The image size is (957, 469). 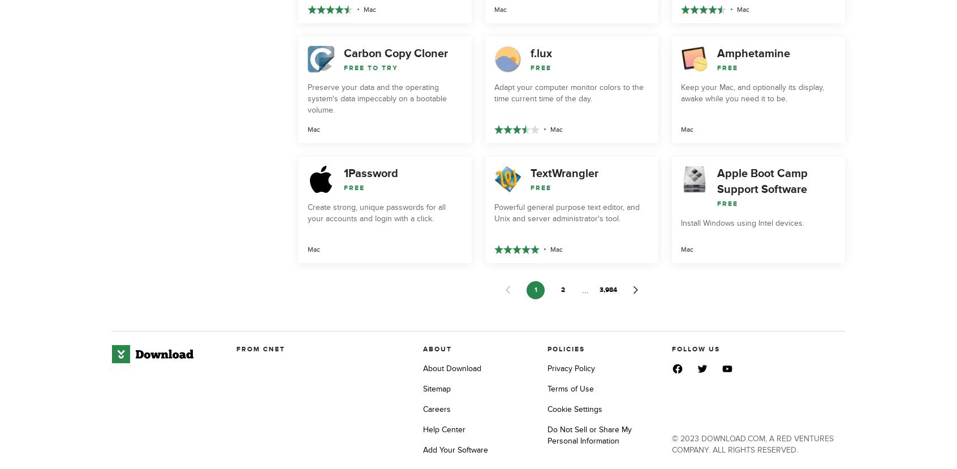 What do you see at coordinates (377, 98) in the screenshot?
I see `'Preserve your data and the operating system's data impeccably on a bootable volume.'` at bounding box center [377, 98].